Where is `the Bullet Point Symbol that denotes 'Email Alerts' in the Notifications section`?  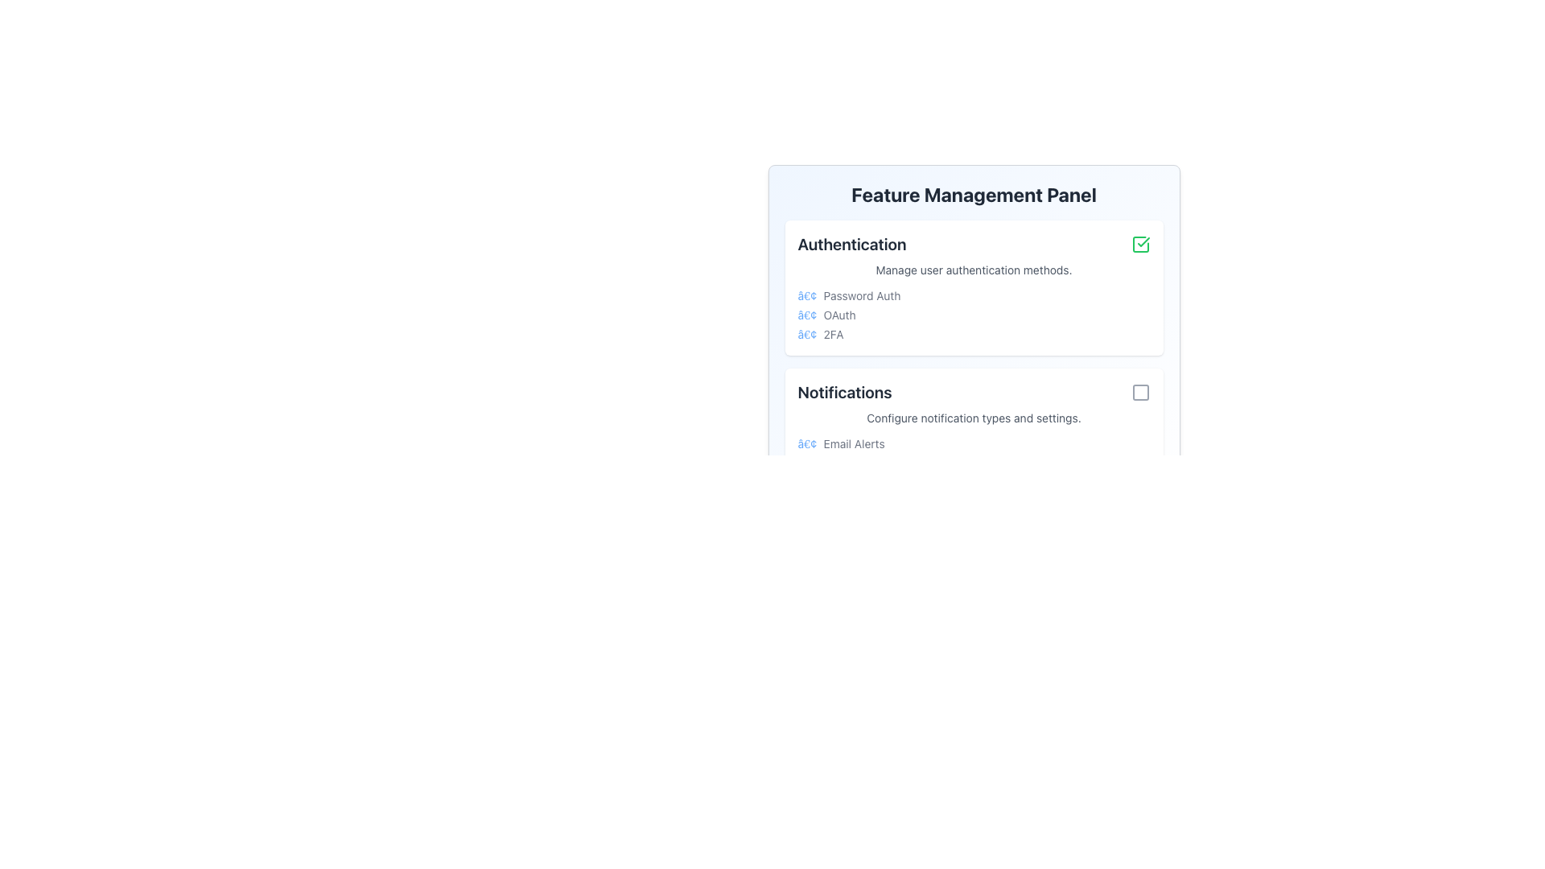 the Bullet Point Symbol that denotes 'Email Alerts' in the Notifications section is located at coordinates (807, 443).